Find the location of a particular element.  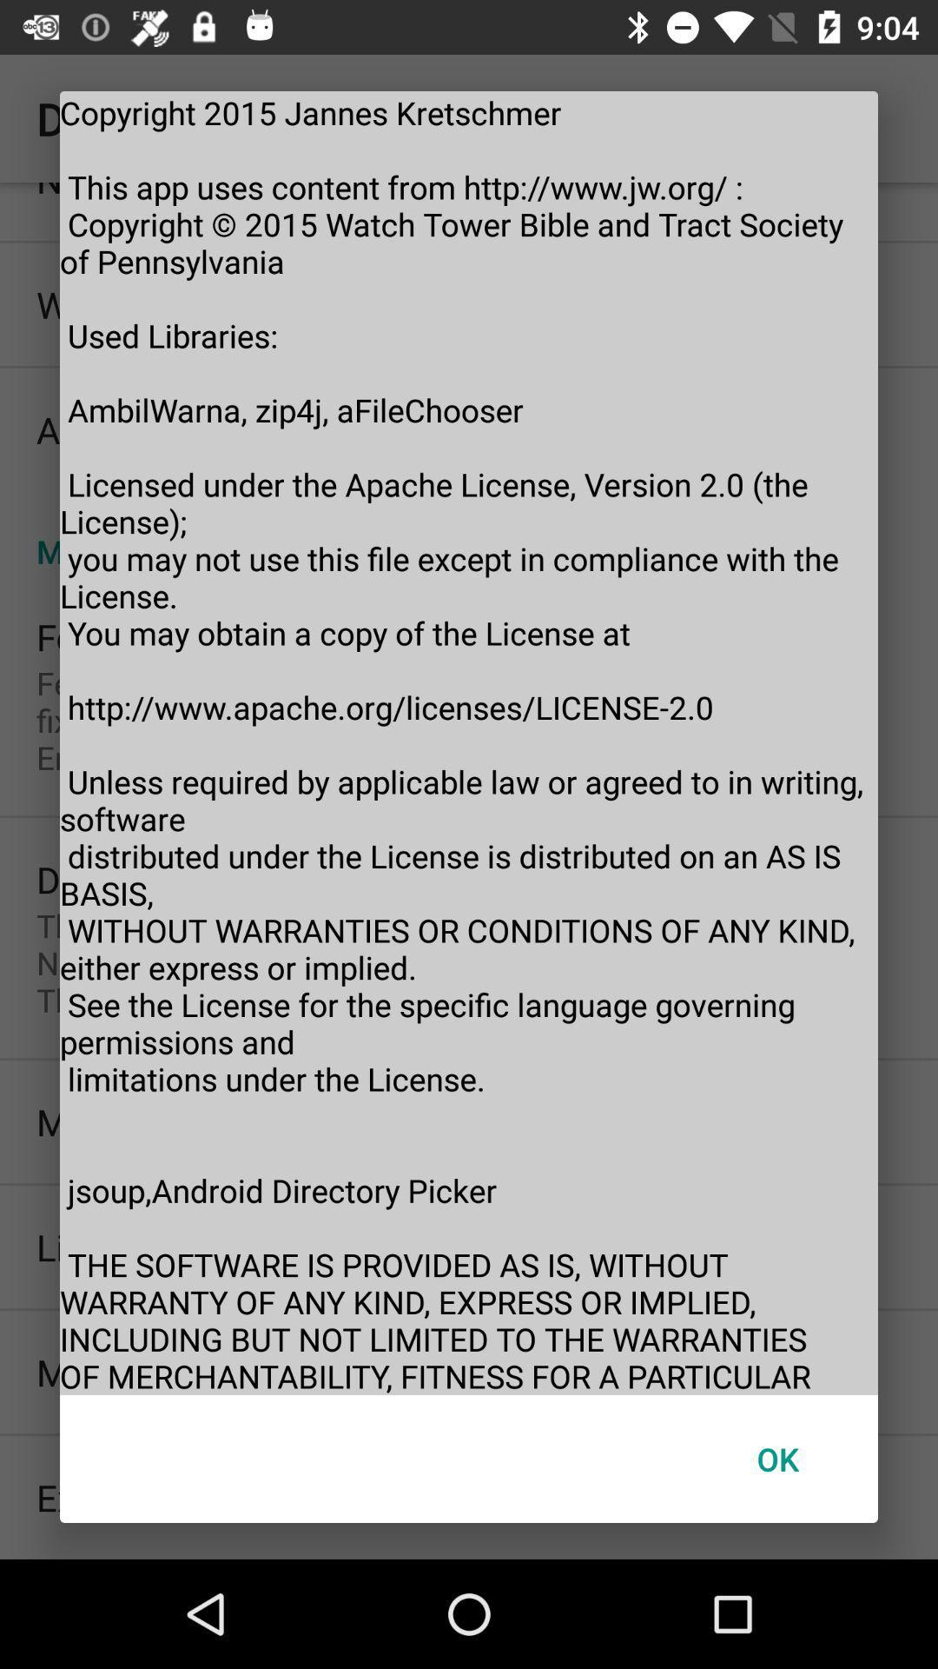

the ok item is located at coordinates (776, 1459).